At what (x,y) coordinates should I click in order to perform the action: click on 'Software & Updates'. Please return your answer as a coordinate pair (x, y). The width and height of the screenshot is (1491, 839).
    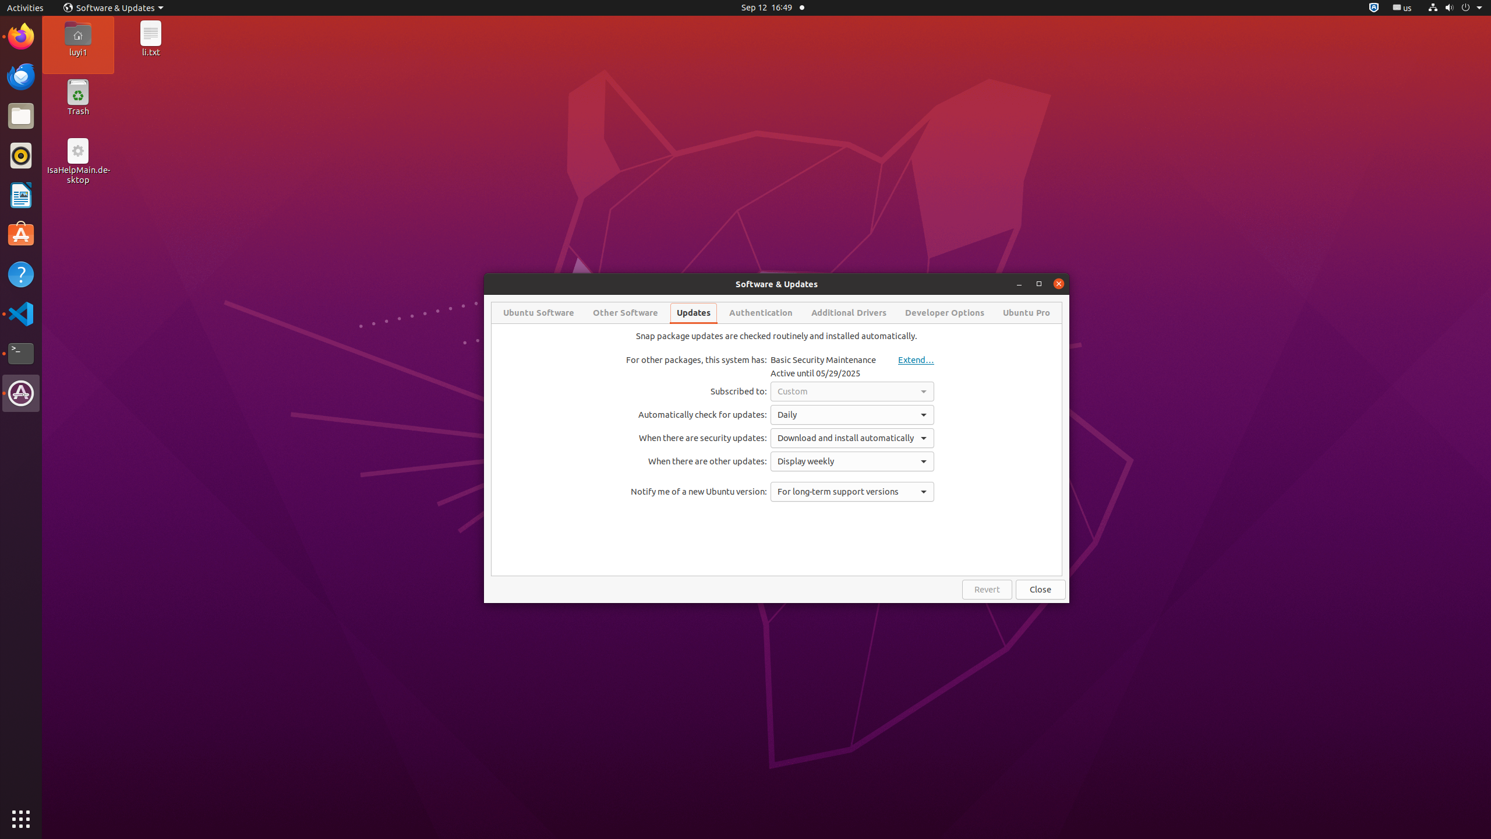
    Looking at the image, I should click on (114, 7).